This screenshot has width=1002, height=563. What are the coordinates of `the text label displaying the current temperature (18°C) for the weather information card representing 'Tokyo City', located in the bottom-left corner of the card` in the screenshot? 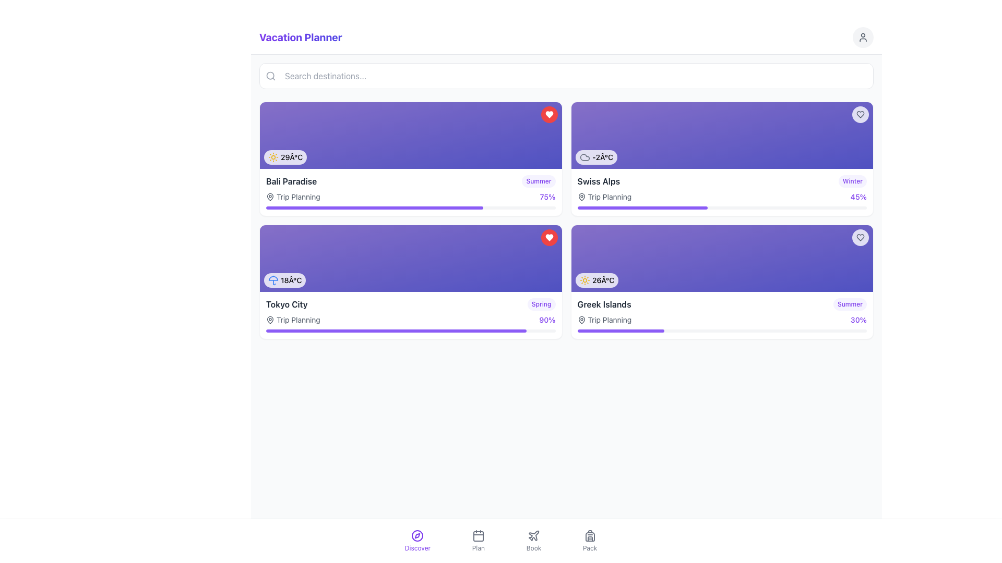 It's located at (291, 279).